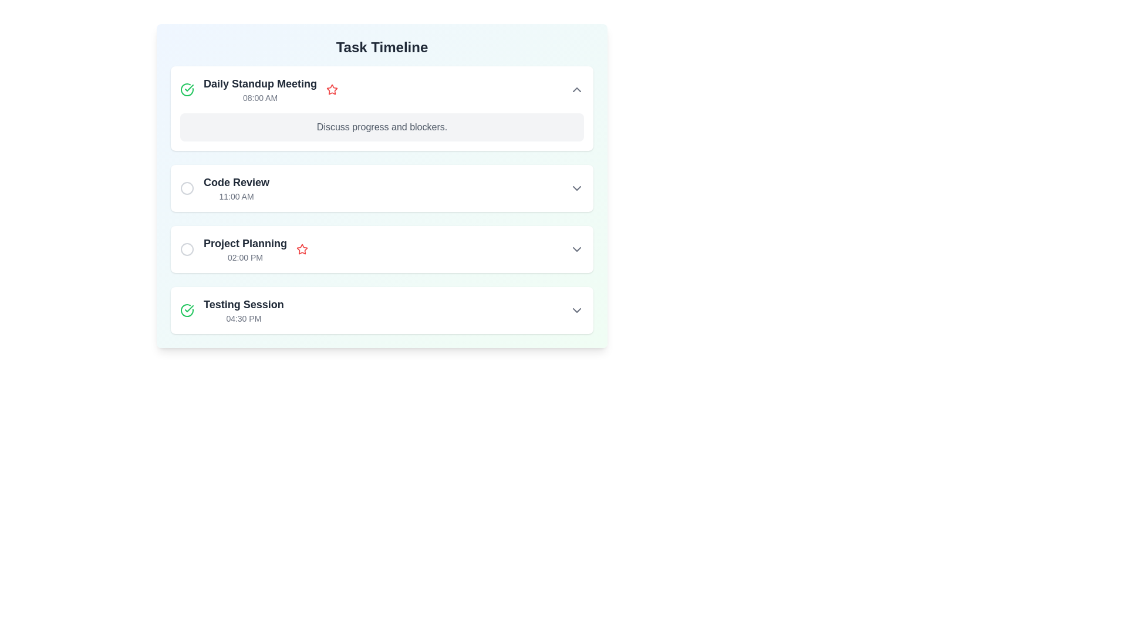  I want to click on the task entry card labeled 'Code Review' with a timestamp of '11:00 AM', which is the second item in the 'Task Timeline' list, so click(382, 187).